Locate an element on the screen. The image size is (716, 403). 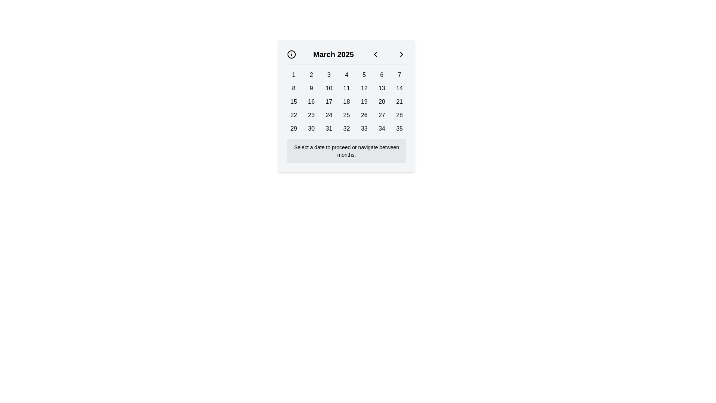
the small rectangular button labeled '11' in the calendar interface is located at coordinates (346, 88).